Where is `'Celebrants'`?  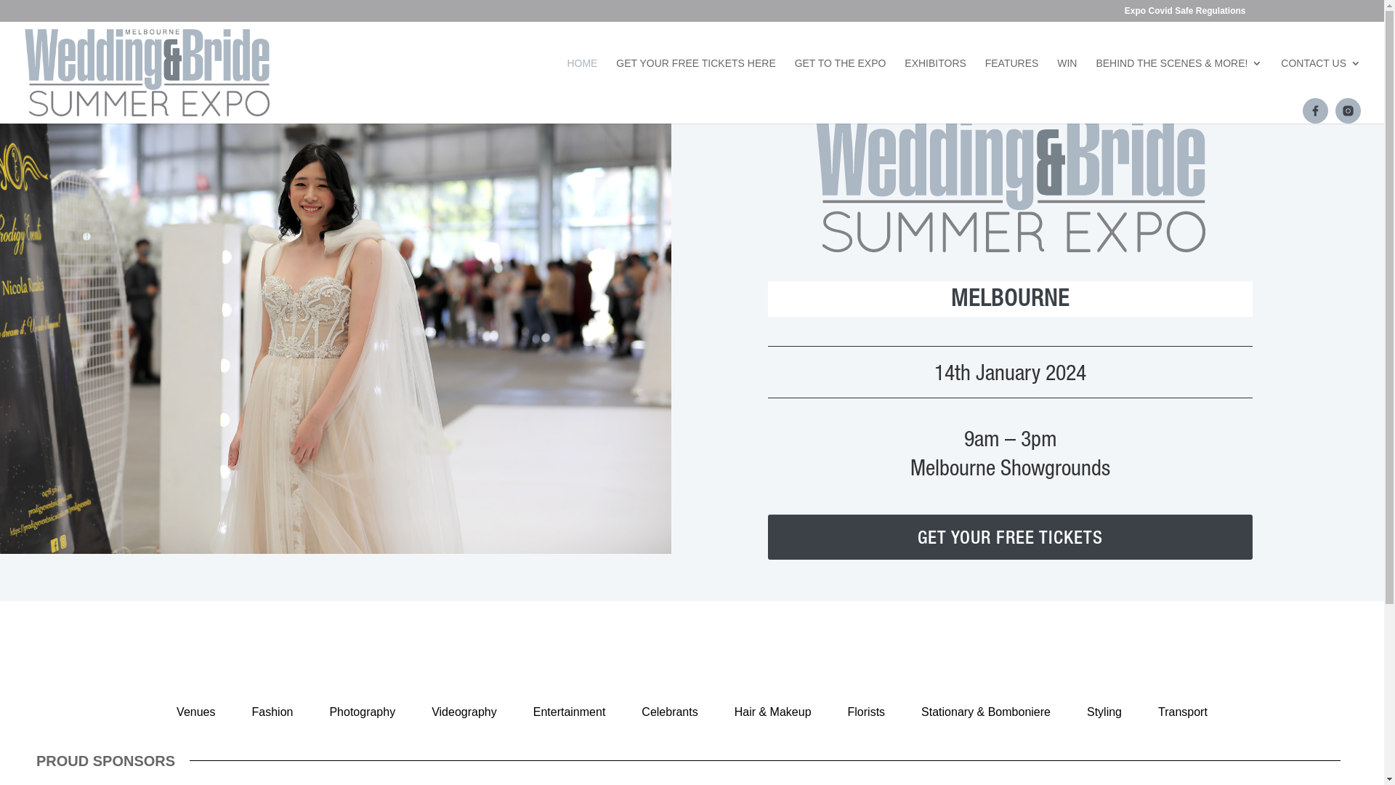
'Celebrants' is located at coordinates (668, 711).